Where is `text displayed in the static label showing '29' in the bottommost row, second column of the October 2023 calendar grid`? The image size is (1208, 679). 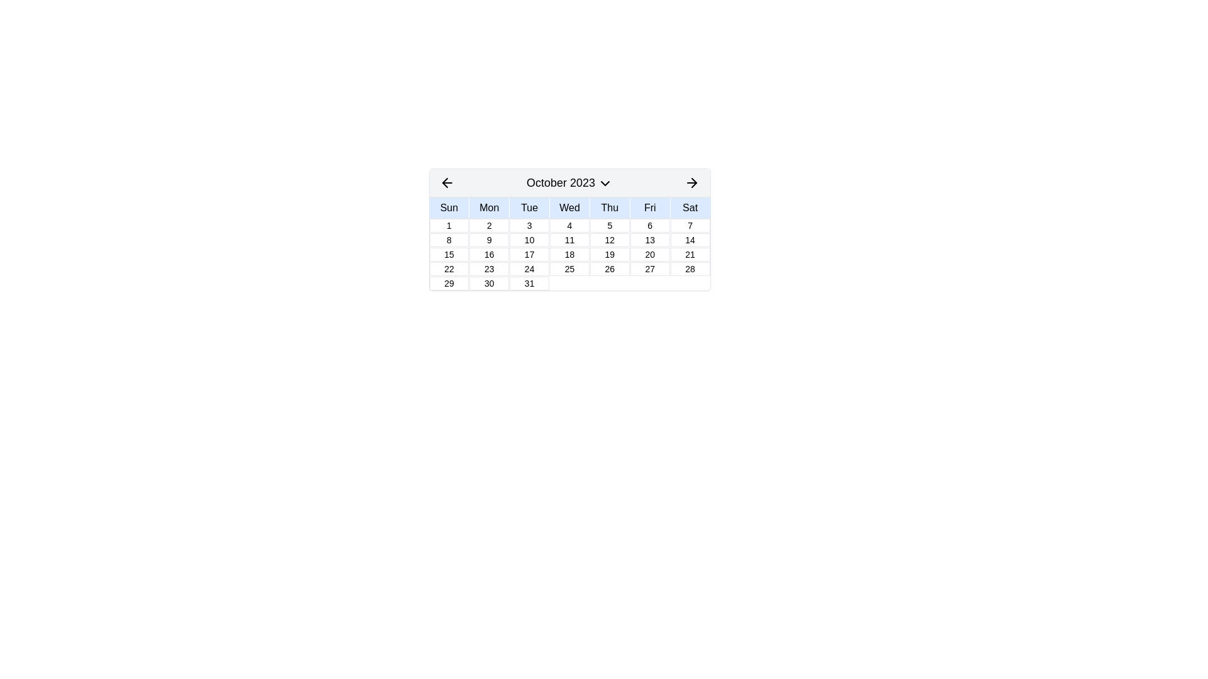
text displayed in the static label showing '29' in the bottommost row, second column of the October 2023 calendar grid is located at coordinates (449, 284).